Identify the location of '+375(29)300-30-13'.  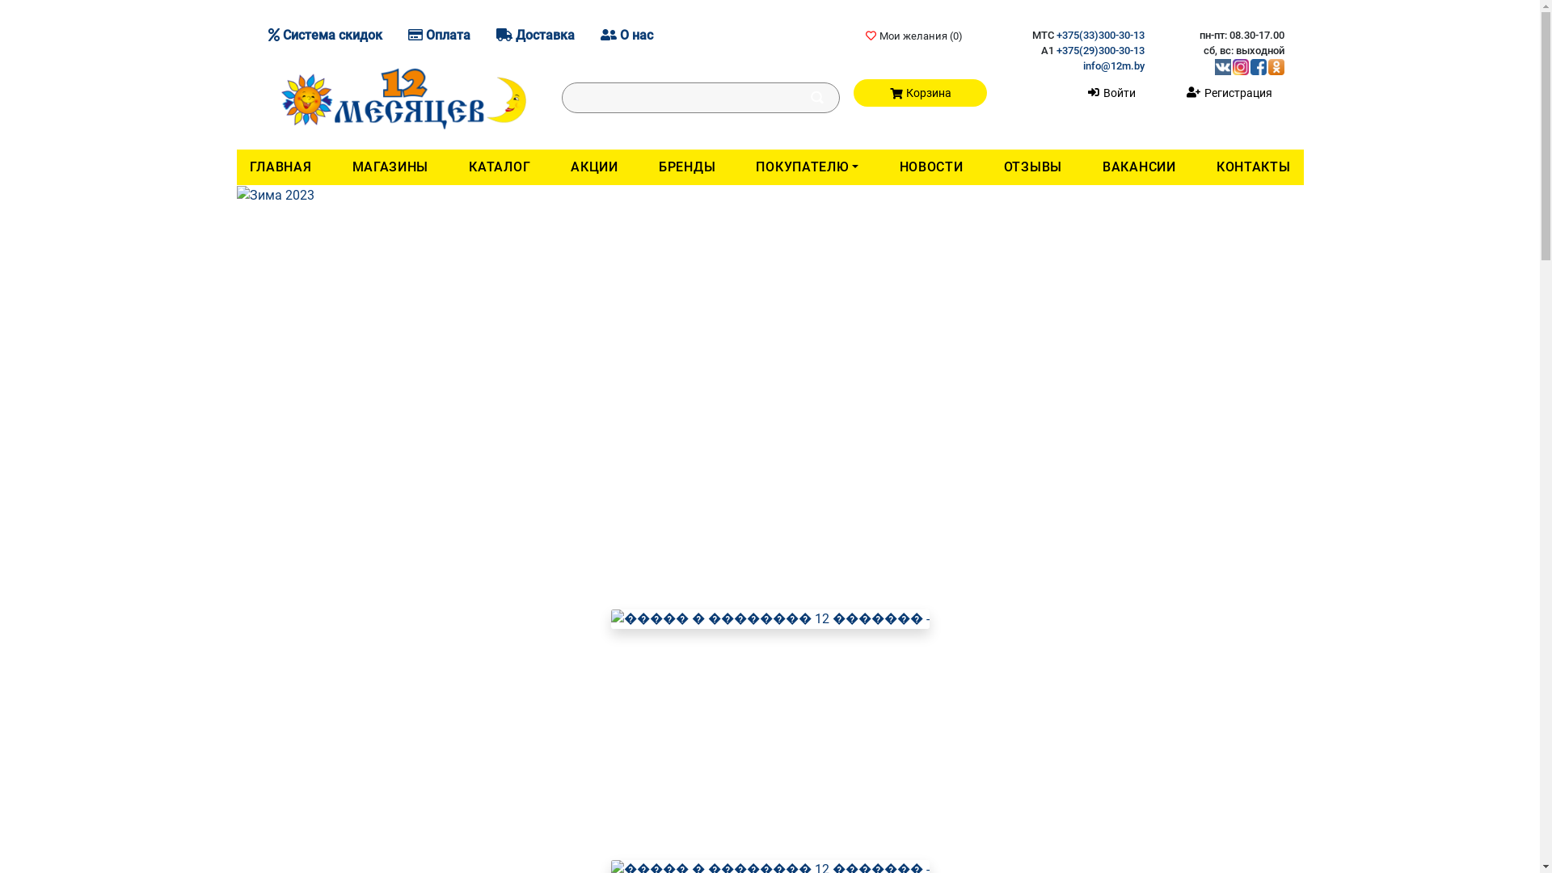
(1056, 49).